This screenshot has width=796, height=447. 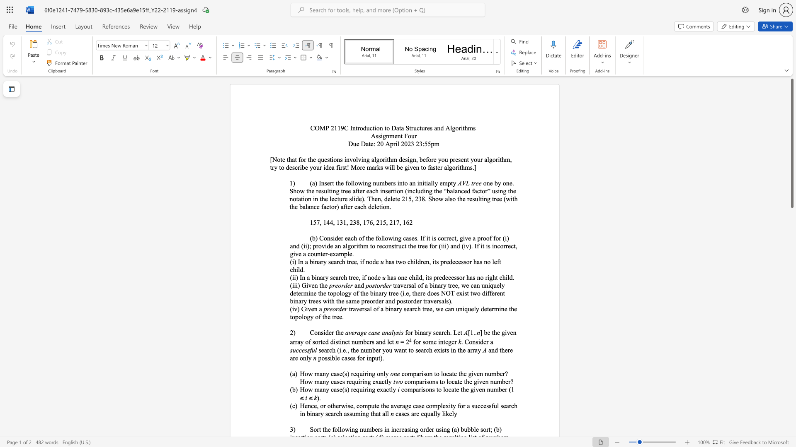 What do you see at coordinates (409, 128) in the screenshot?
I see `the subset text "tructures and Algorit" within the text "COMP 2119C Introduction to Data Structures and Algorithms"` at bounding box center [409, 128].